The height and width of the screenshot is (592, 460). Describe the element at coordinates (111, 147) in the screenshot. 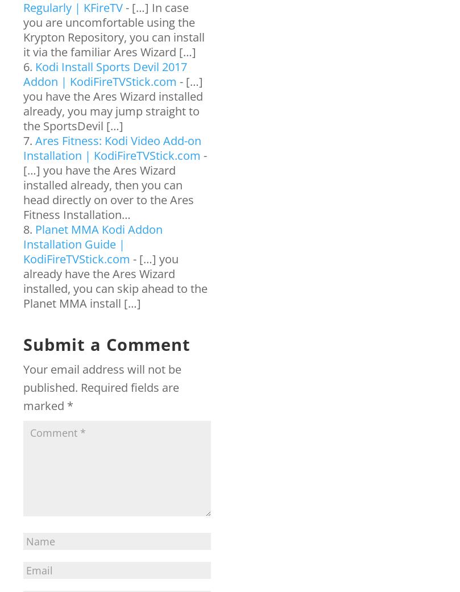

I see `'Ares Fitness: Kodi Video Add-on Installation | KodiFireTVStick.com'` at that location.